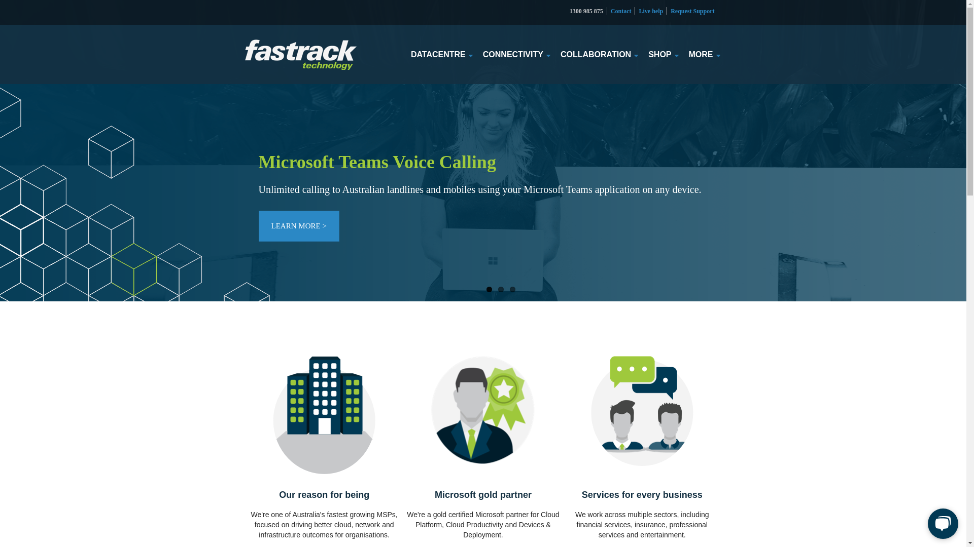  Describe the element at coordinates (501, 289) in the screenshot. I see `'2'` at that location.